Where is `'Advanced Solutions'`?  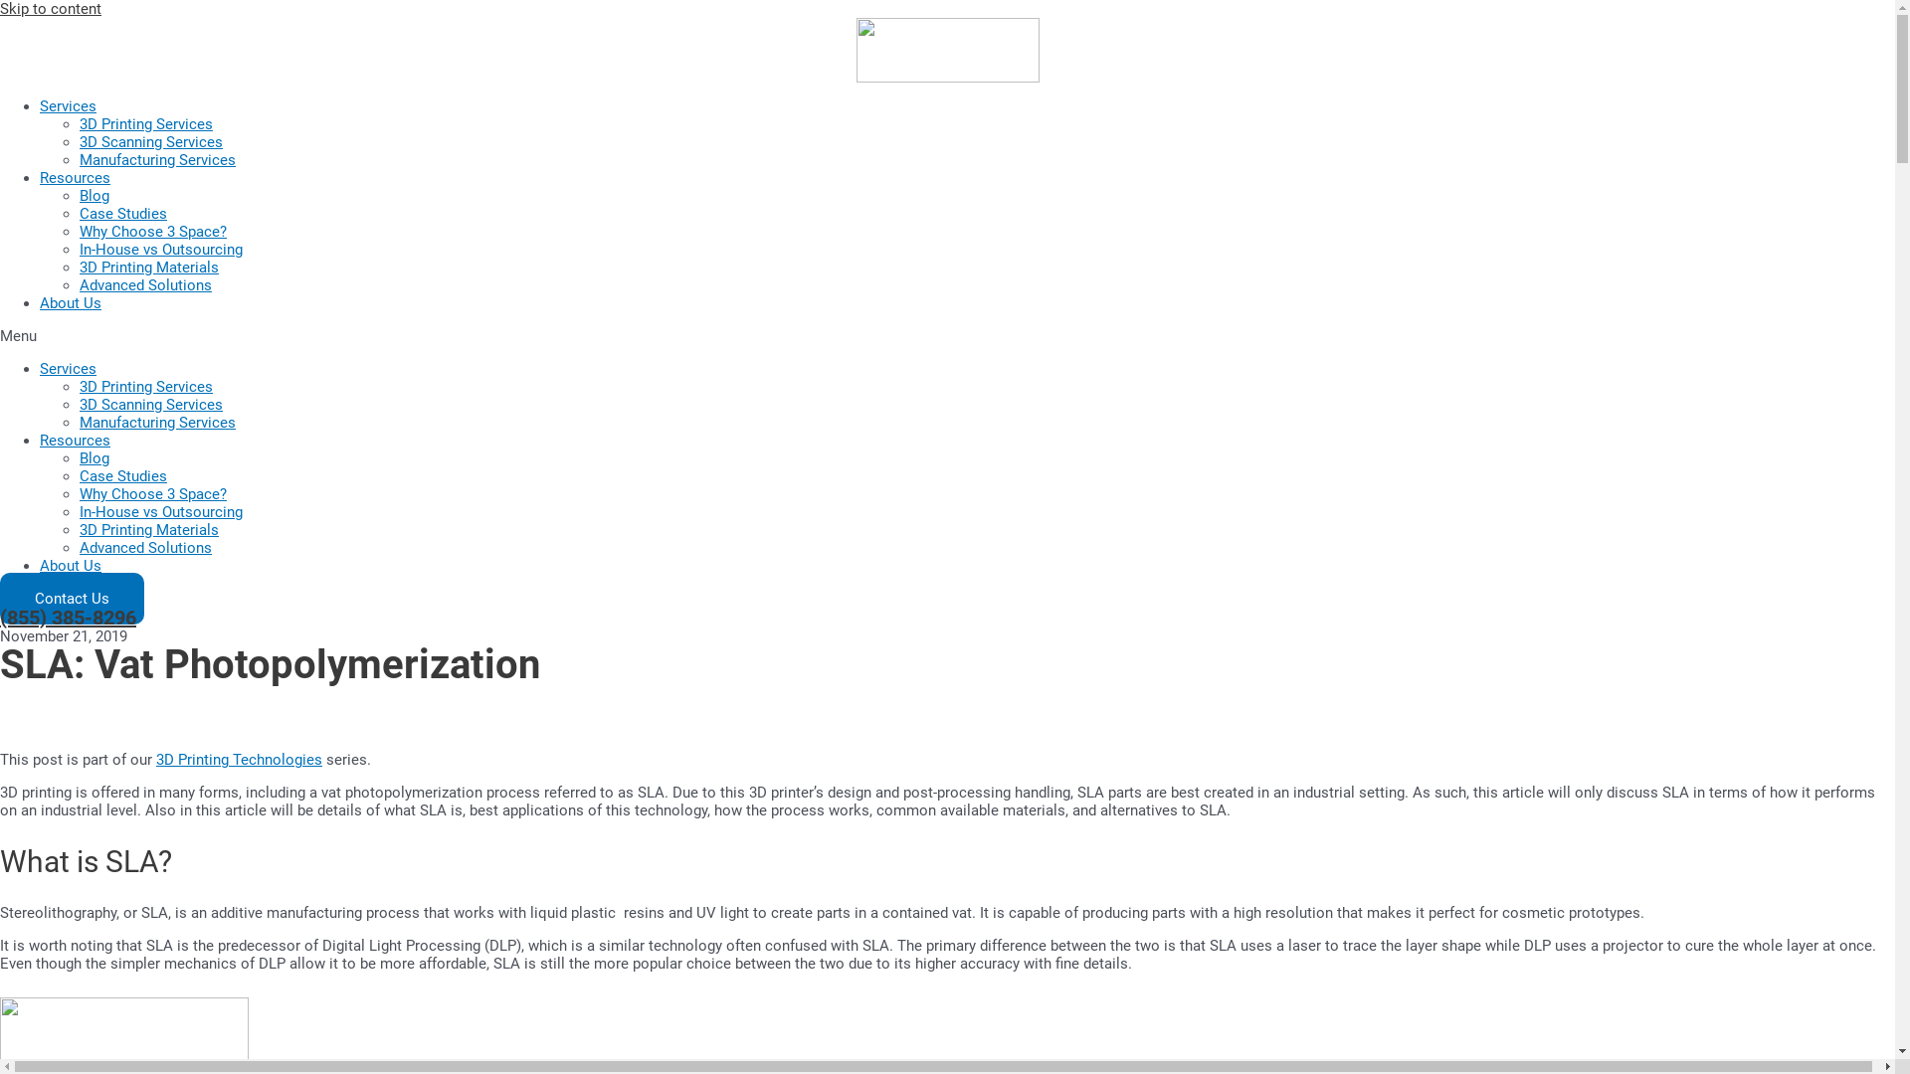
'Advanced Solutions' is located at coordinates (80, 284).